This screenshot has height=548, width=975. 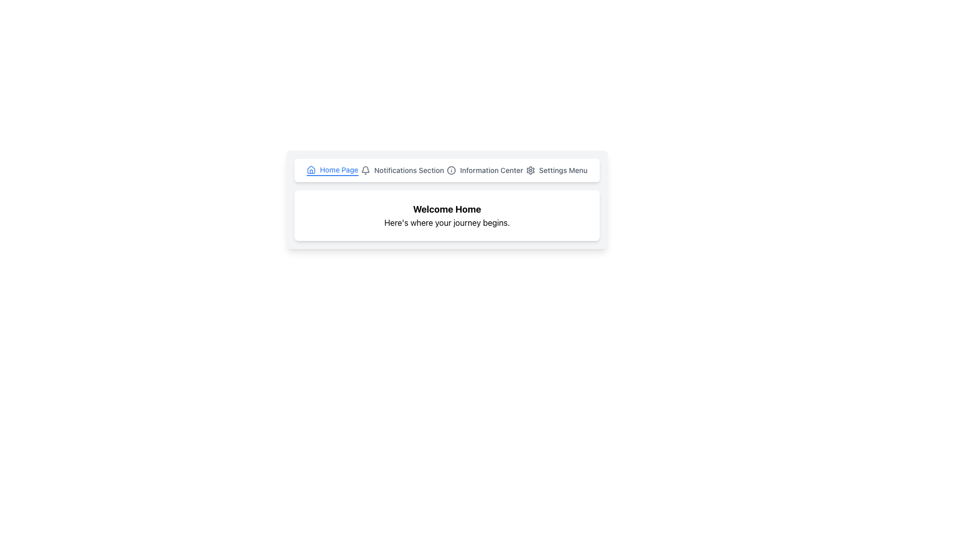 I want to click on the 'Home Page' navigation link, which is the first item in the horizontal navigation bar, featuring a home icon and bold blue text, so click(x=332, y=169).